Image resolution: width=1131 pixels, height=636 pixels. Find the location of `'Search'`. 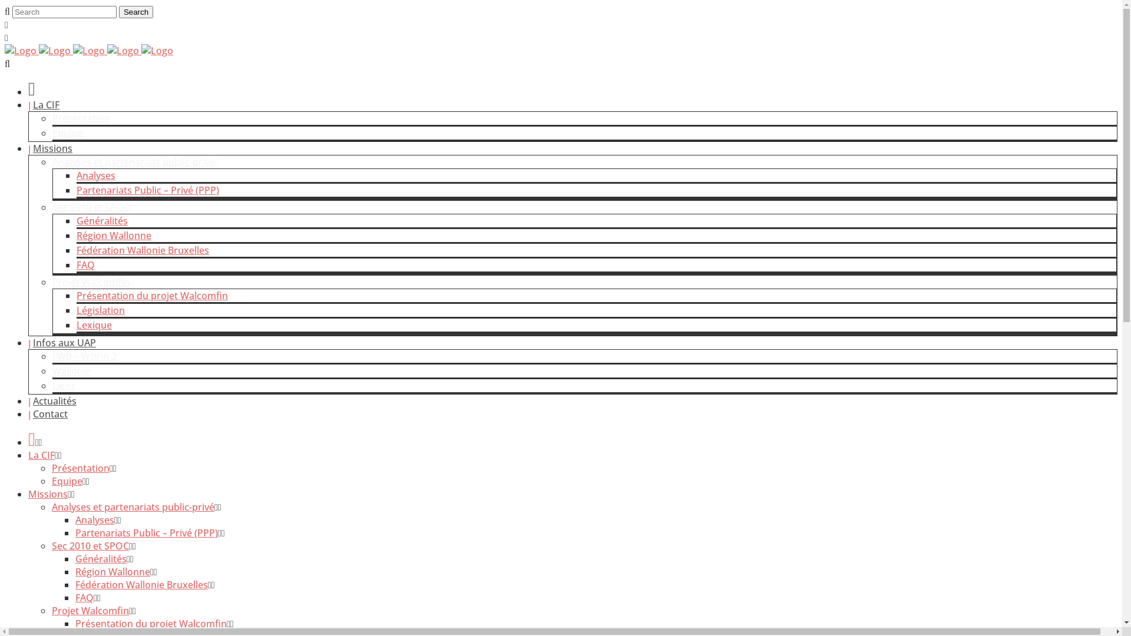

'Search' is located at coordinates (135, 12).